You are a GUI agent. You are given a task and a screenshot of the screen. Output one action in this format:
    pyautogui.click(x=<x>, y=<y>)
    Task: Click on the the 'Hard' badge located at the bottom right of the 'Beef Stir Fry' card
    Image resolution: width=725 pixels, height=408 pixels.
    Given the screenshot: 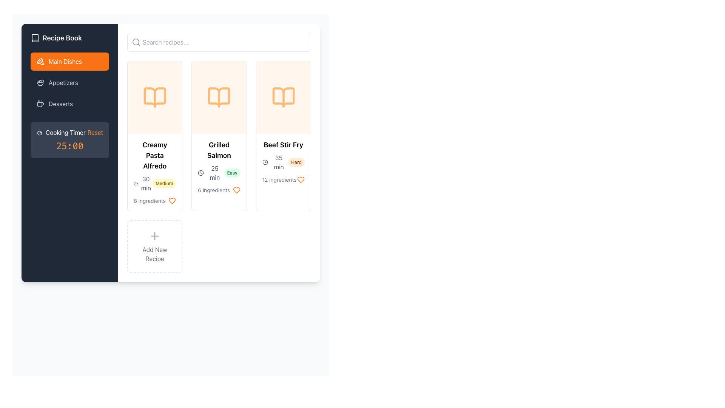 What is the action you would take?
    pyautogui.click(x=296, y=162)
    